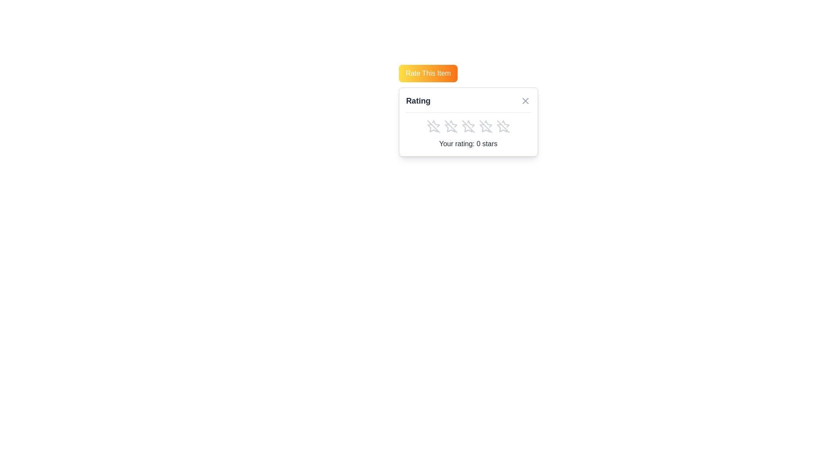 This screenshot has width=836, height=470. I want to click on the fifth star icon in the rating interface to set a five-star rating, so click(484, 128).